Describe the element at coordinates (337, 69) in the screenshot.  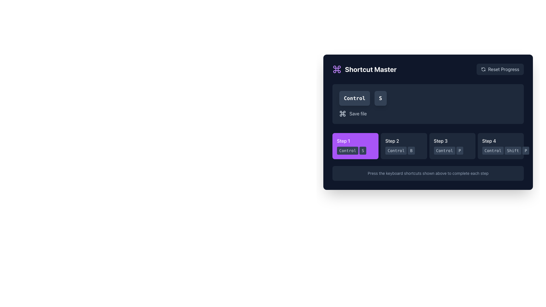
I see `the icon representing the 'Shortcut Master' section, located on the top-left side and to the immediate left of the text 'Shortcut Master'` at that location.